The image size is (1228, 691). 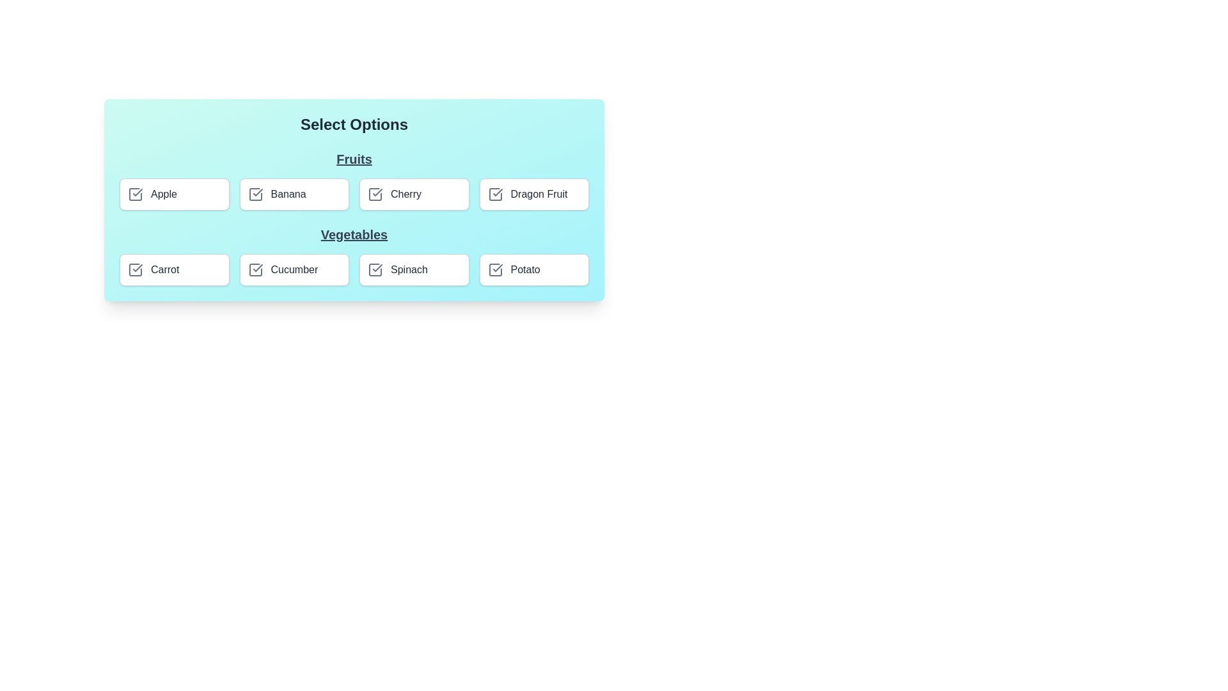 What do you see at coordinates (494, 195) in the screenshot?
I see `the checkmark icon indicating the selection status of the 'Dragon Fruit' option within the checkbox mechanism in the 'Fruits' section` at bounding box center [494, 195].